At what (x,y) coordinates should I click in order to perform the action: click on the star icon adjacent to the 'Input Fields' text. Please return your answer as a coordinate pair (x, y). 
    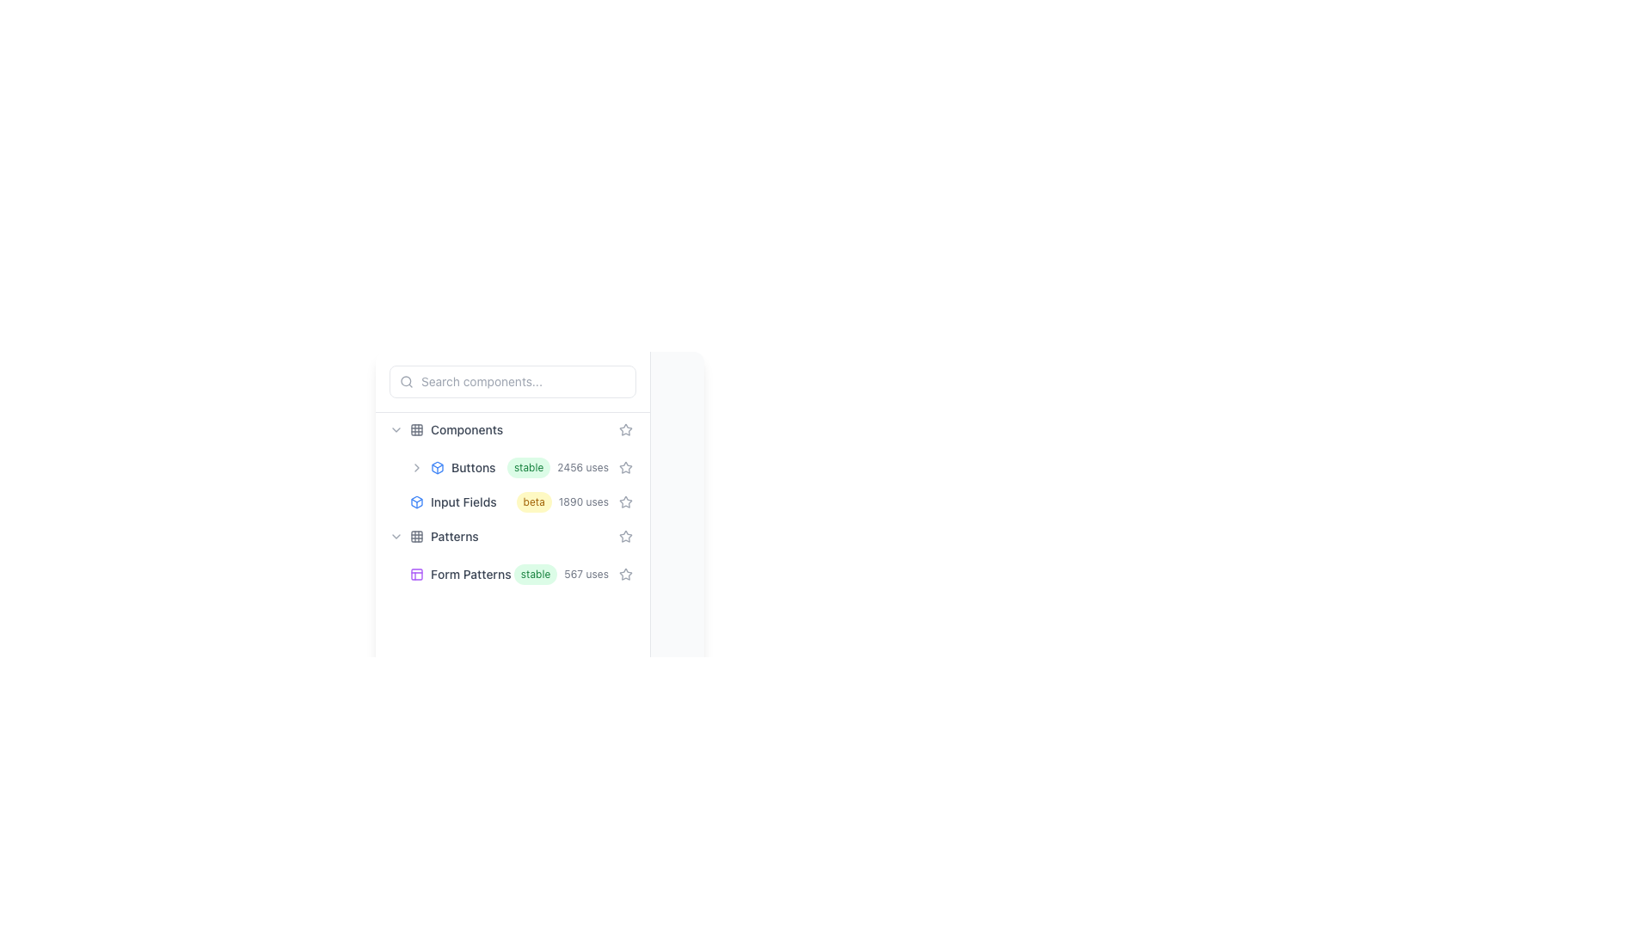
    Looking at the image, I should click on (625, 501).